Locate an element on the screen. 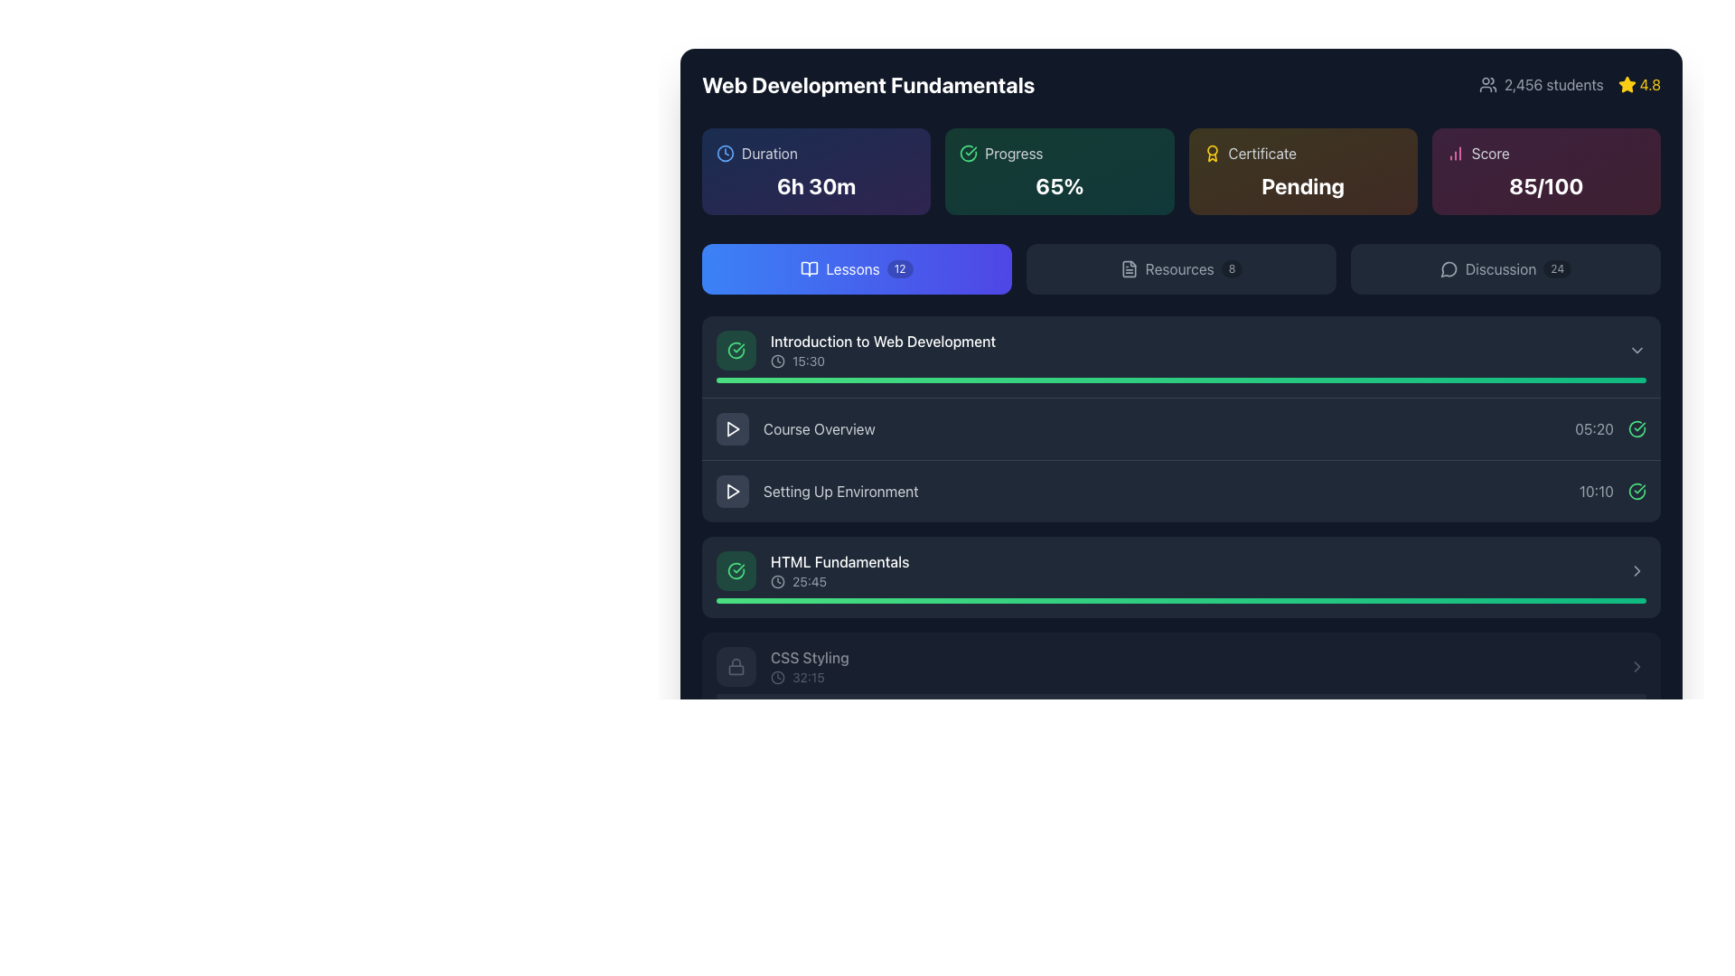 Image resolution: width=1735 pixels, height=976 pixels. the status of the padlock icon next to the 'CSS Styling' label, which is a light gray rounded lock icon located at the bottom of the list is located at coordinates (736, 666).